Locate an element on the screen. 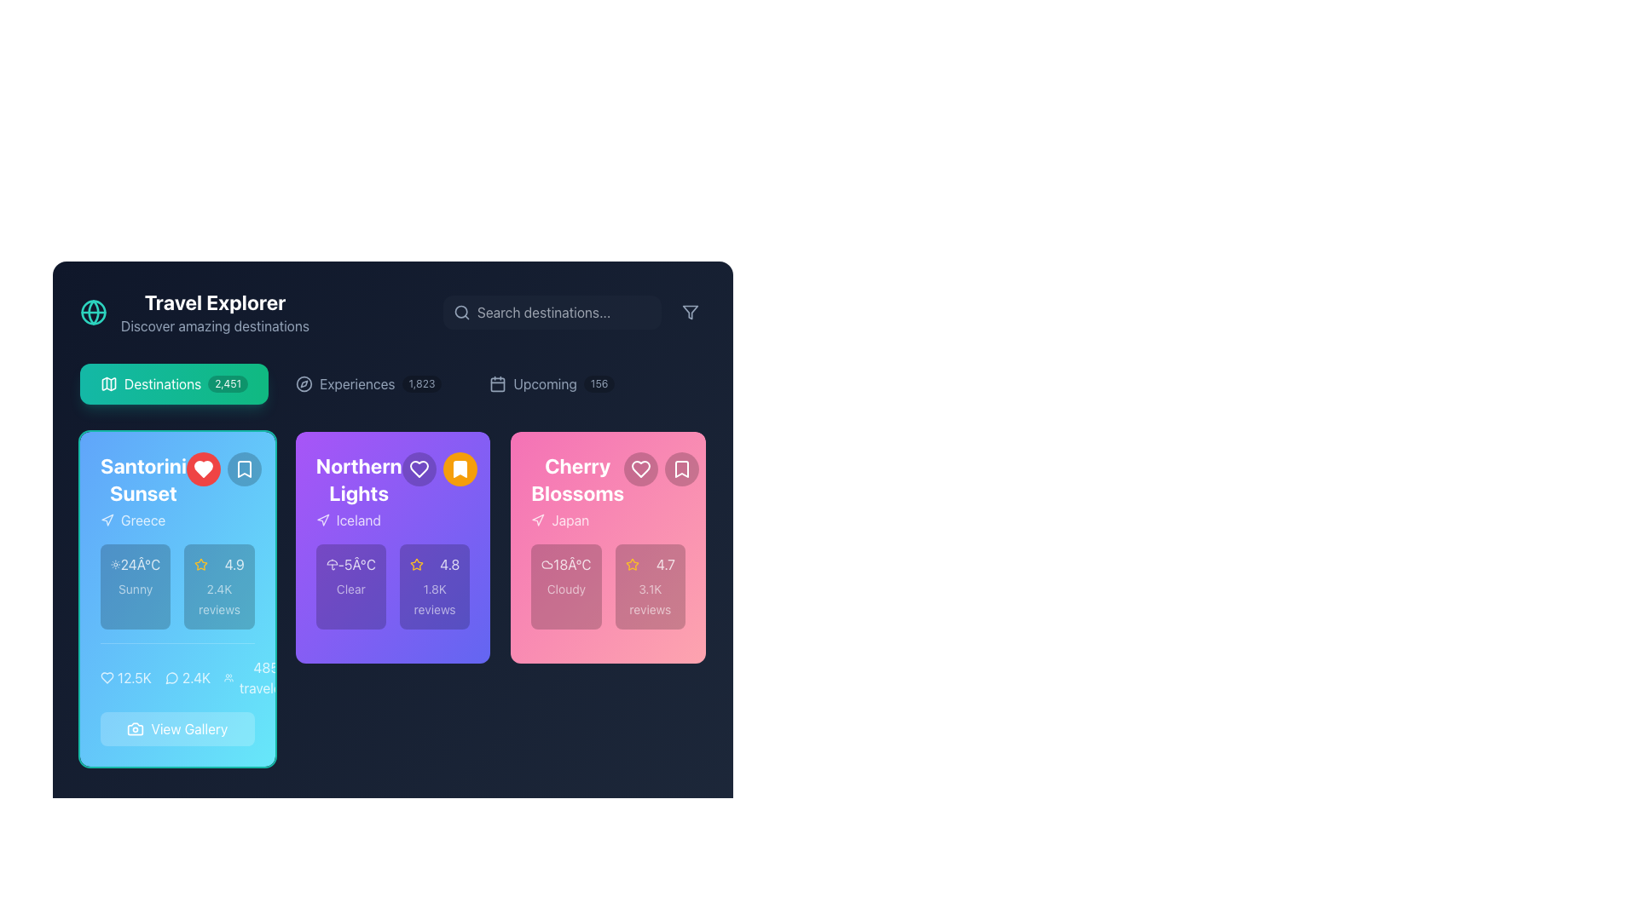  the globe icon located to the left of the 'Travel Explorer' header for additional functionalities is located at coordinates (194, 312).